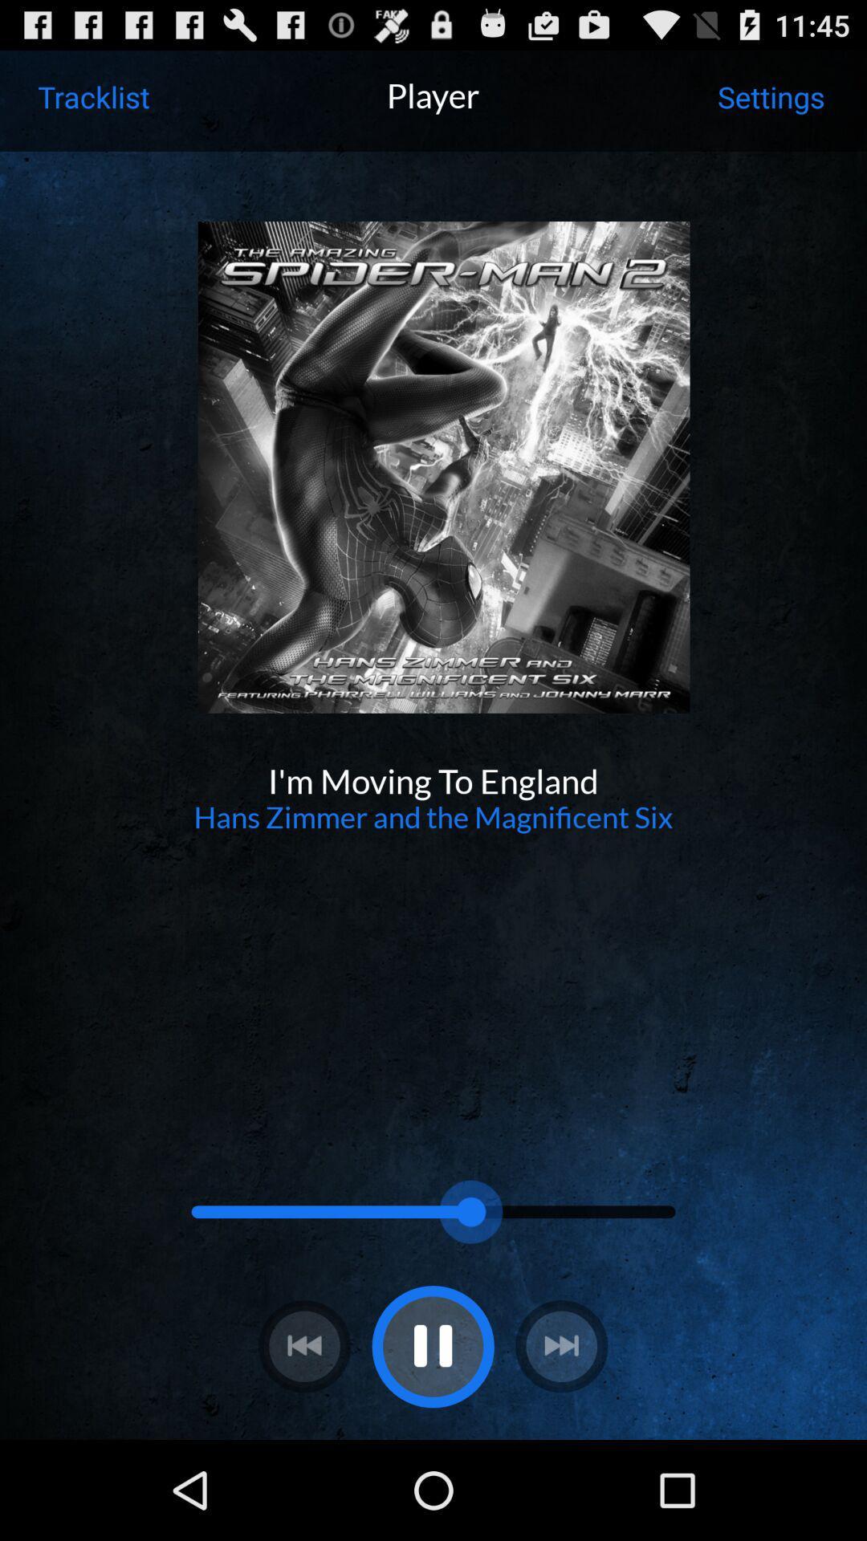  I want to click on the skip_next icon, so click(560, 1441).